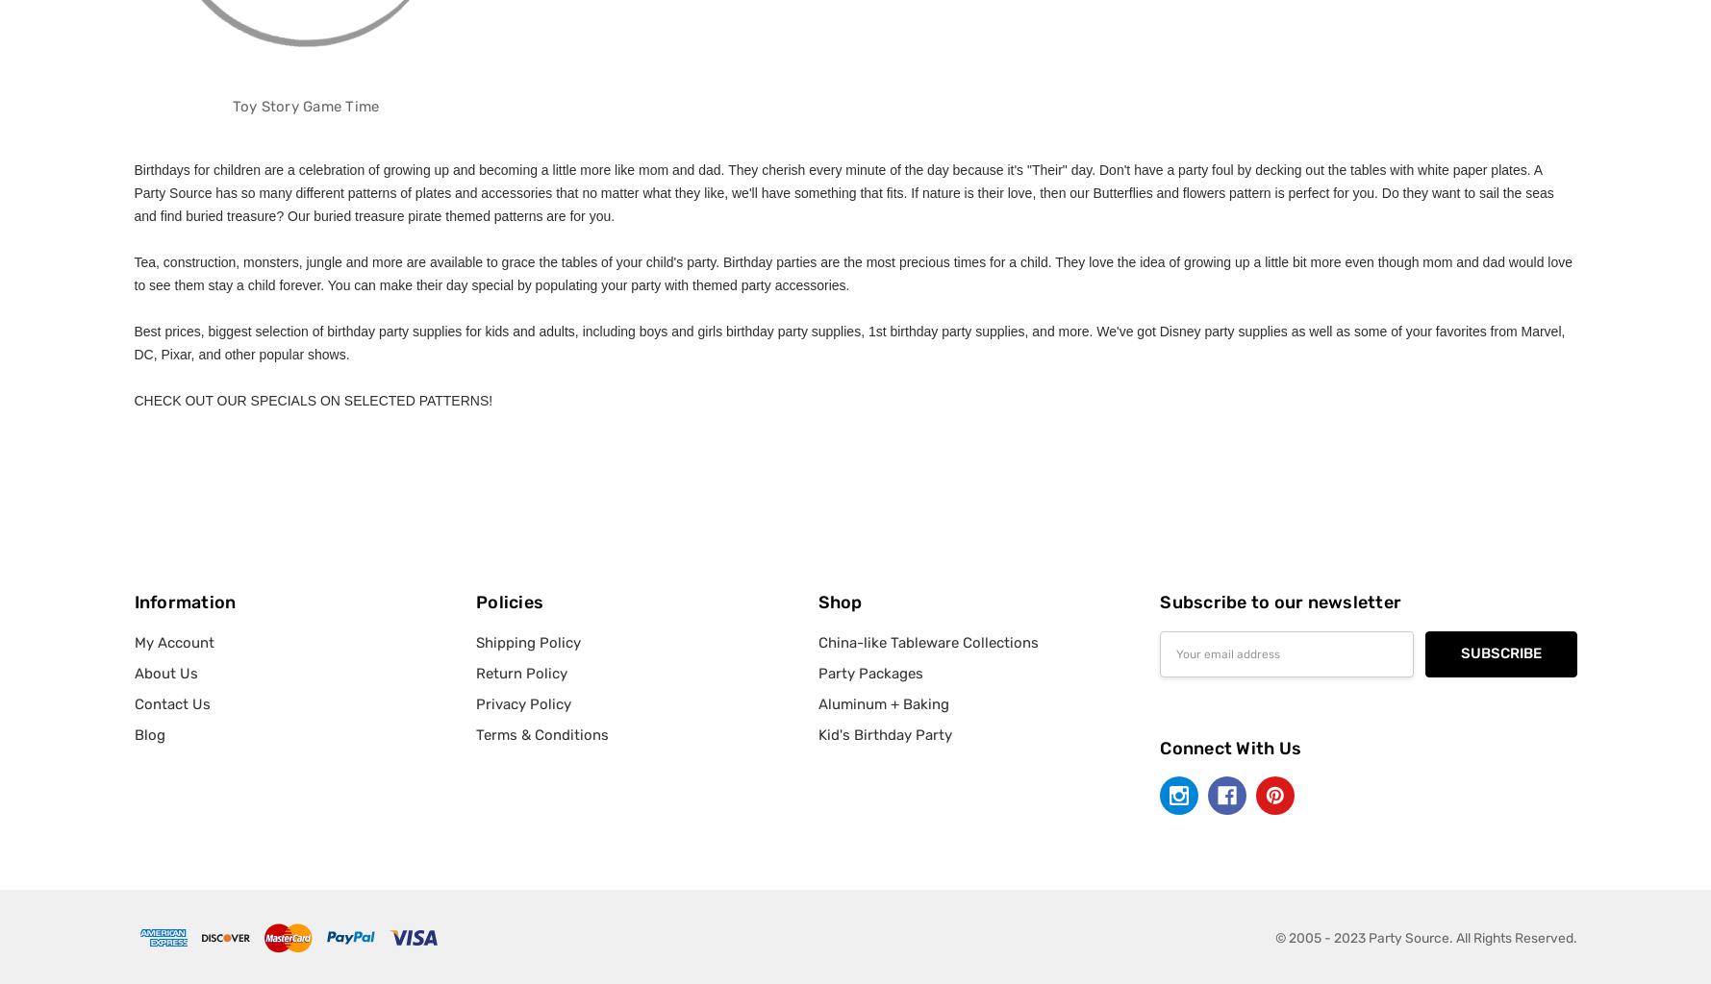 This screenshot has height=984, width=1711. Describe the element at coordinates (184, 601) in the screenshot. I see `'Information'` at that location.